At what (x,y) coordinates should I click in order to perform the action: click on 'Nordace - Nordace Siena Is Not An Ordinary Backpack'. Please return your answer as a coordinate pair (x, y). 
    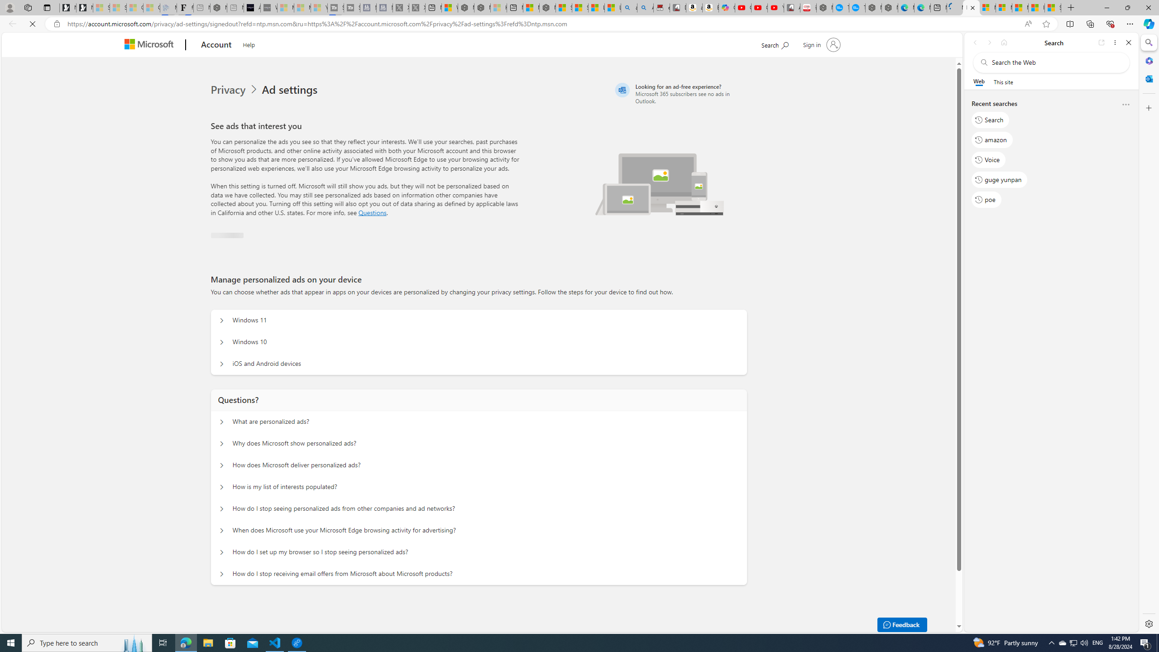
    Looking at the image, I should click on (547, 7).